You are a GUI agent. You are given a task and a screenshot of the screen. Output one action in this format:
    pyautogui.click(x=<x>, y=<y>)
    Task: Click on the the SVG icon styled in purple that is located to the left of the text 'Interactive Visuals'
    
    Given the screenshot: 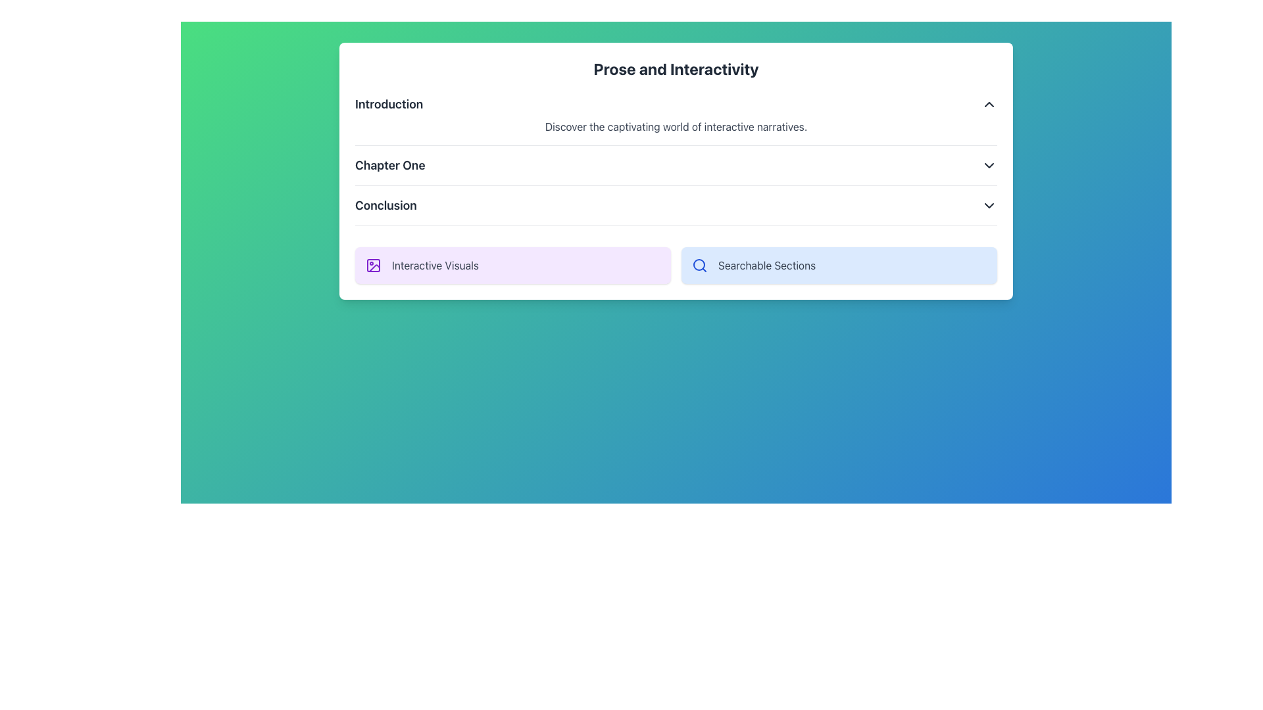 What is the action you would take?
    pyautogui.click(x=372, y=266)
    